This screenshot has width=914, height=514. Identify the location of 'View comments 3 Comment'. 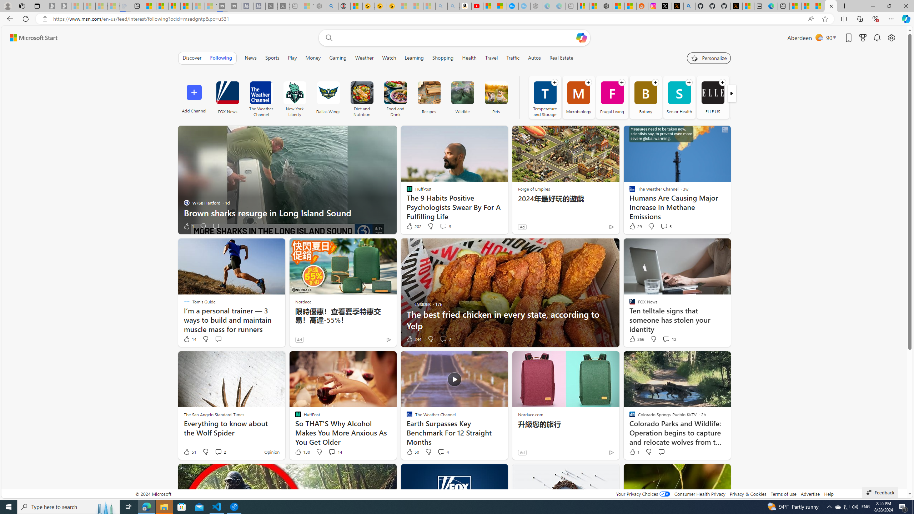
(445, 226).